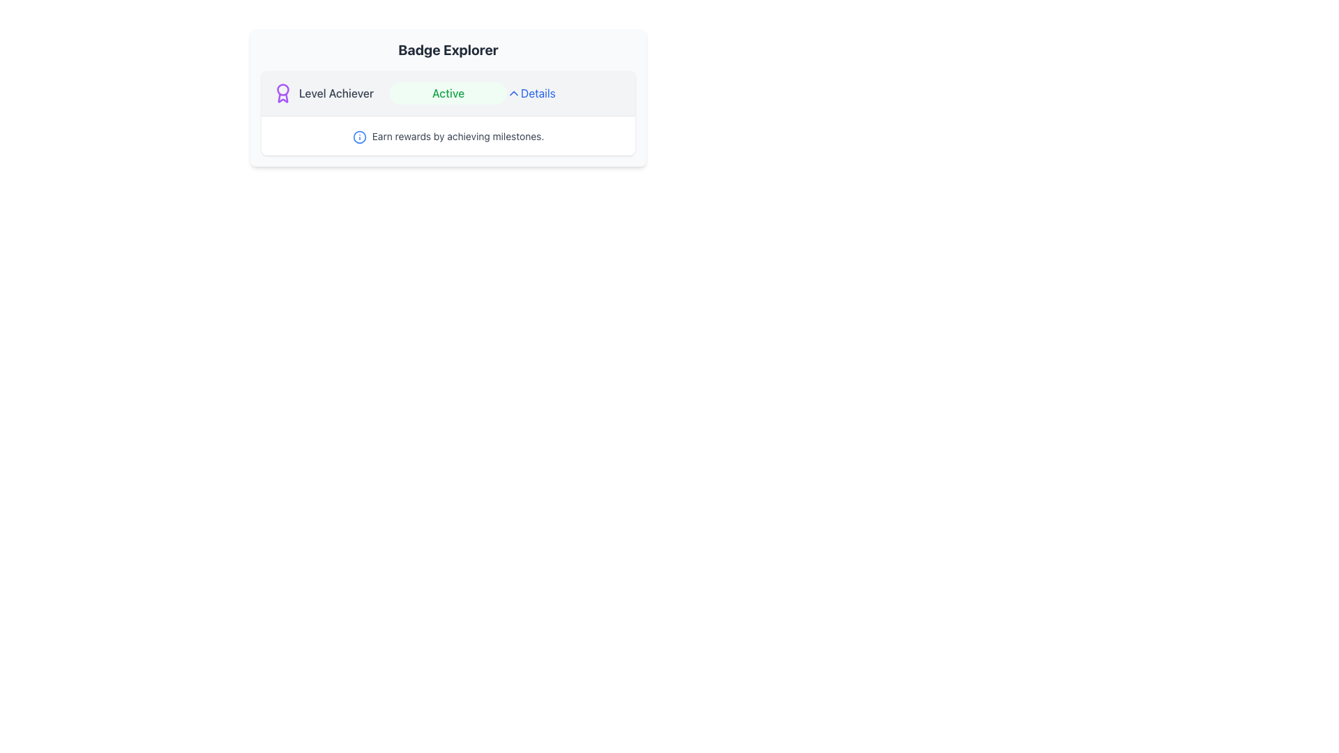  I want to click on the 'Level Achiever' text label with icon, which serves as a title in the 'Badge Explorer' section of the grid layout, so click(331, 93).